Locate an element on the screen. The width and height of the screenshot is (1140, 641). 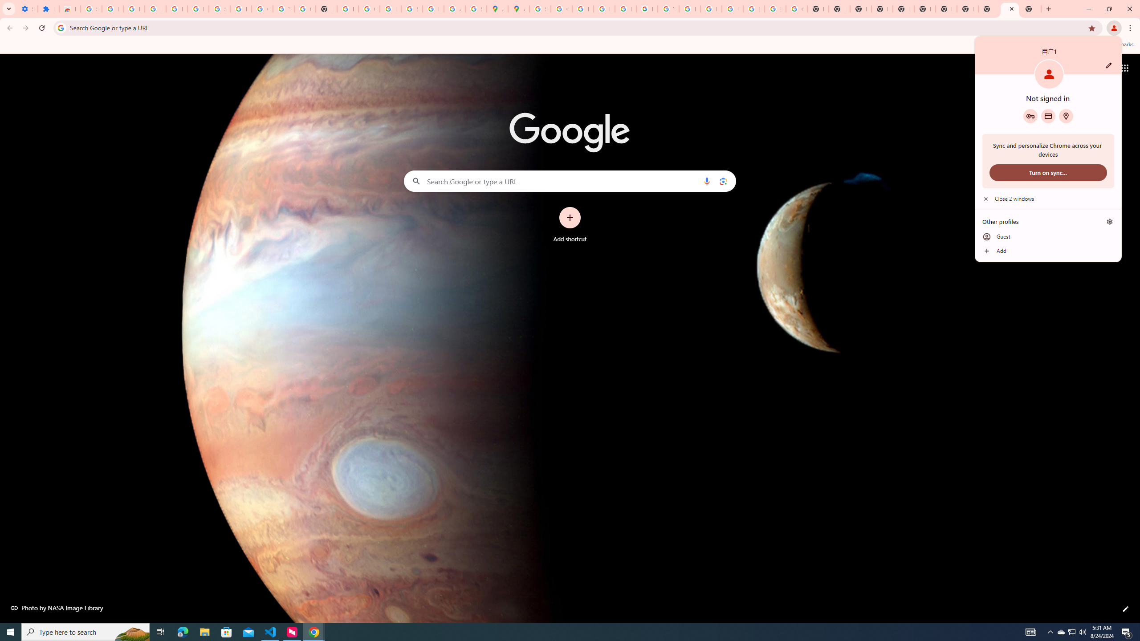
'Add' is located at coordinates (1047, 251).